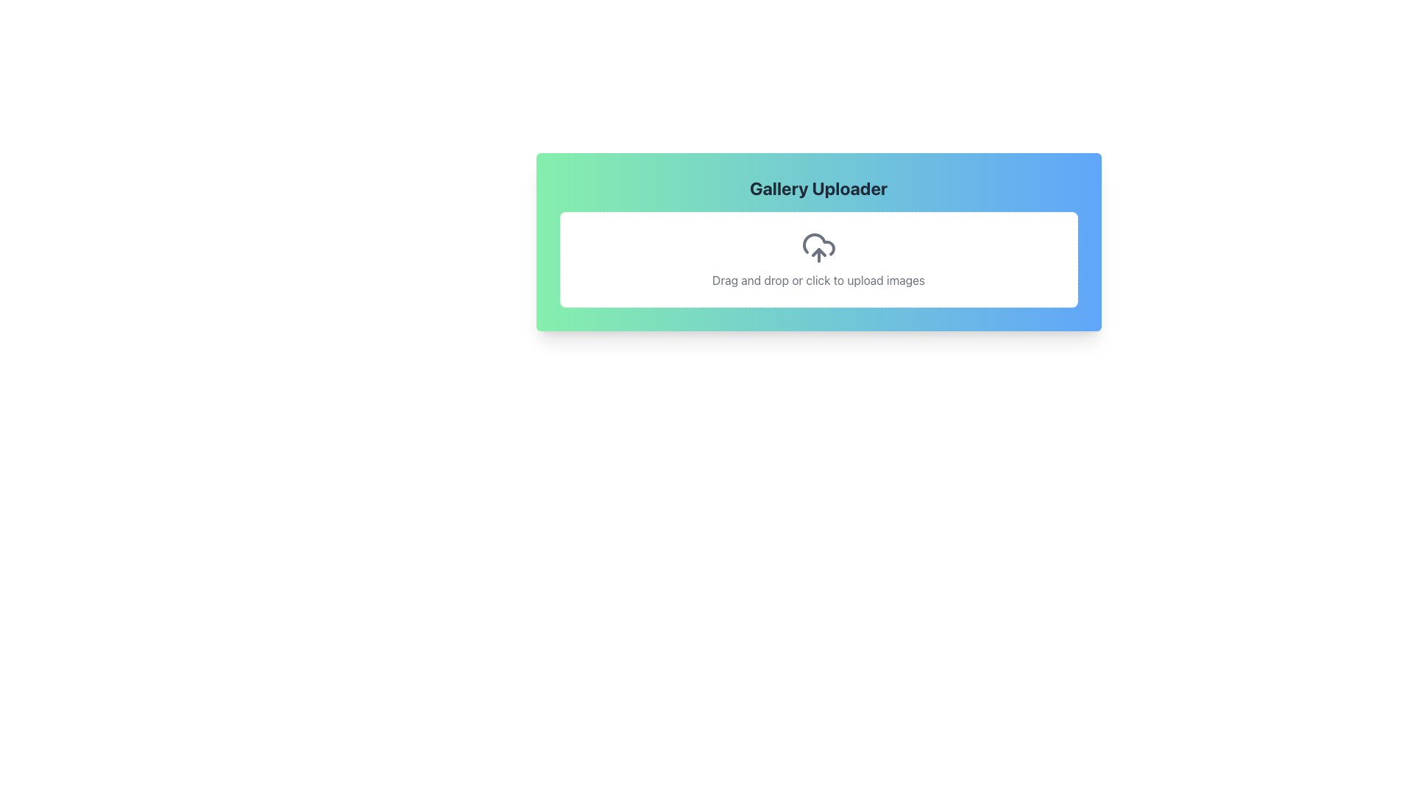  What do you see at coordinates (818, 247) in the screenshot?
I see `the upload icon located at the vertical center of the 'Gallery Uploader' card, positioned above the text 'Drag and drop or click to upload images.'` at bounding box center [818, 247].